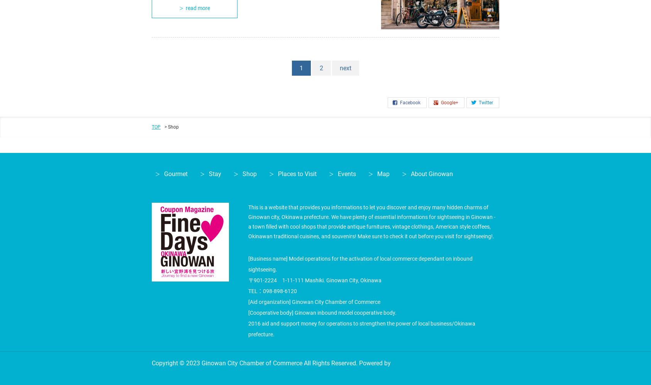  Describe the element at coordinates (449, 102) in the screenshot. I see `'Google+'` at that location.